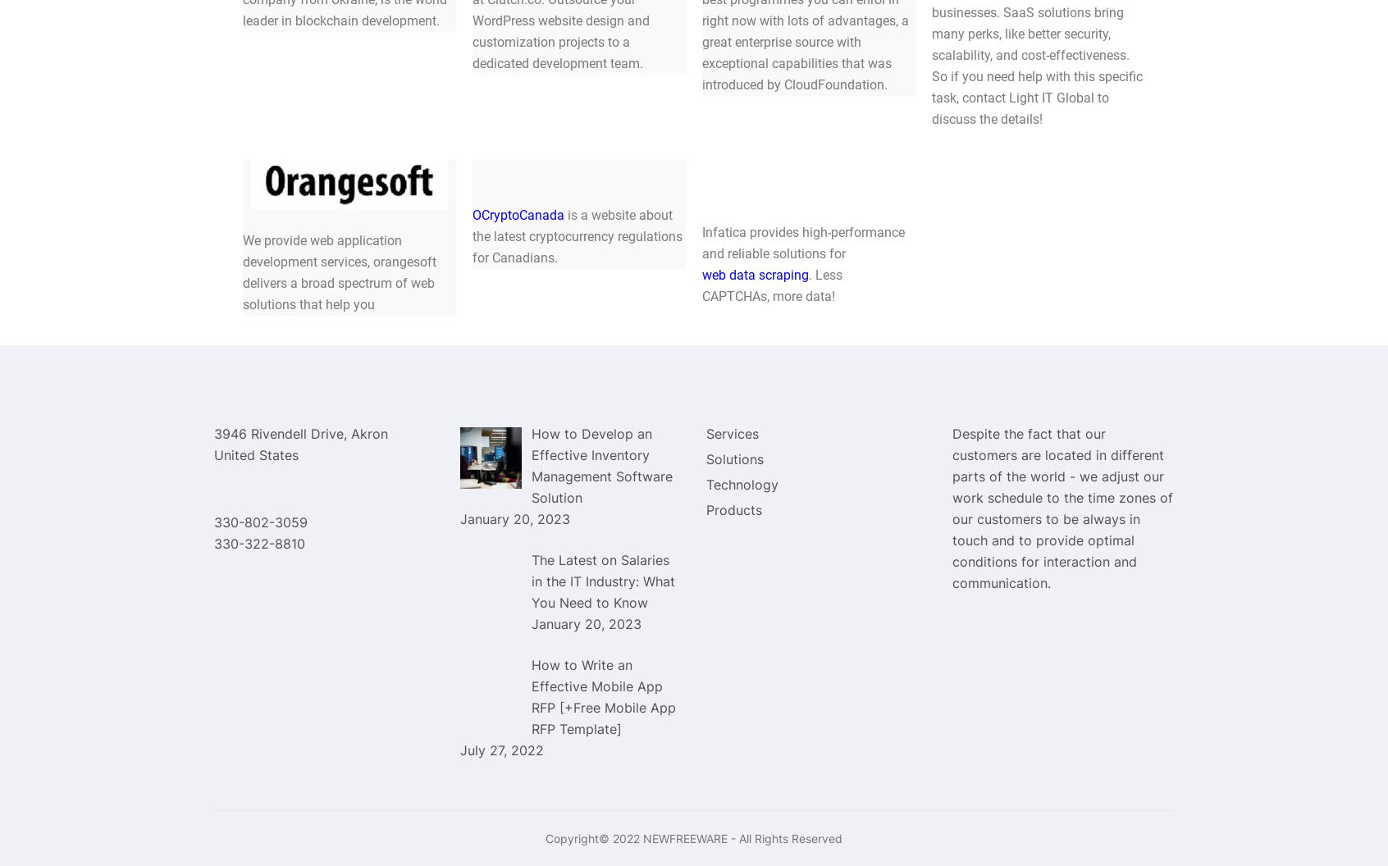 This screenshot has height=866, width=1388. What do you see at coordinates (803, 242) in the screenshot?
I see `'Infatica provides high-performance and reliable solutions for'` at bounding box center [803, 242].